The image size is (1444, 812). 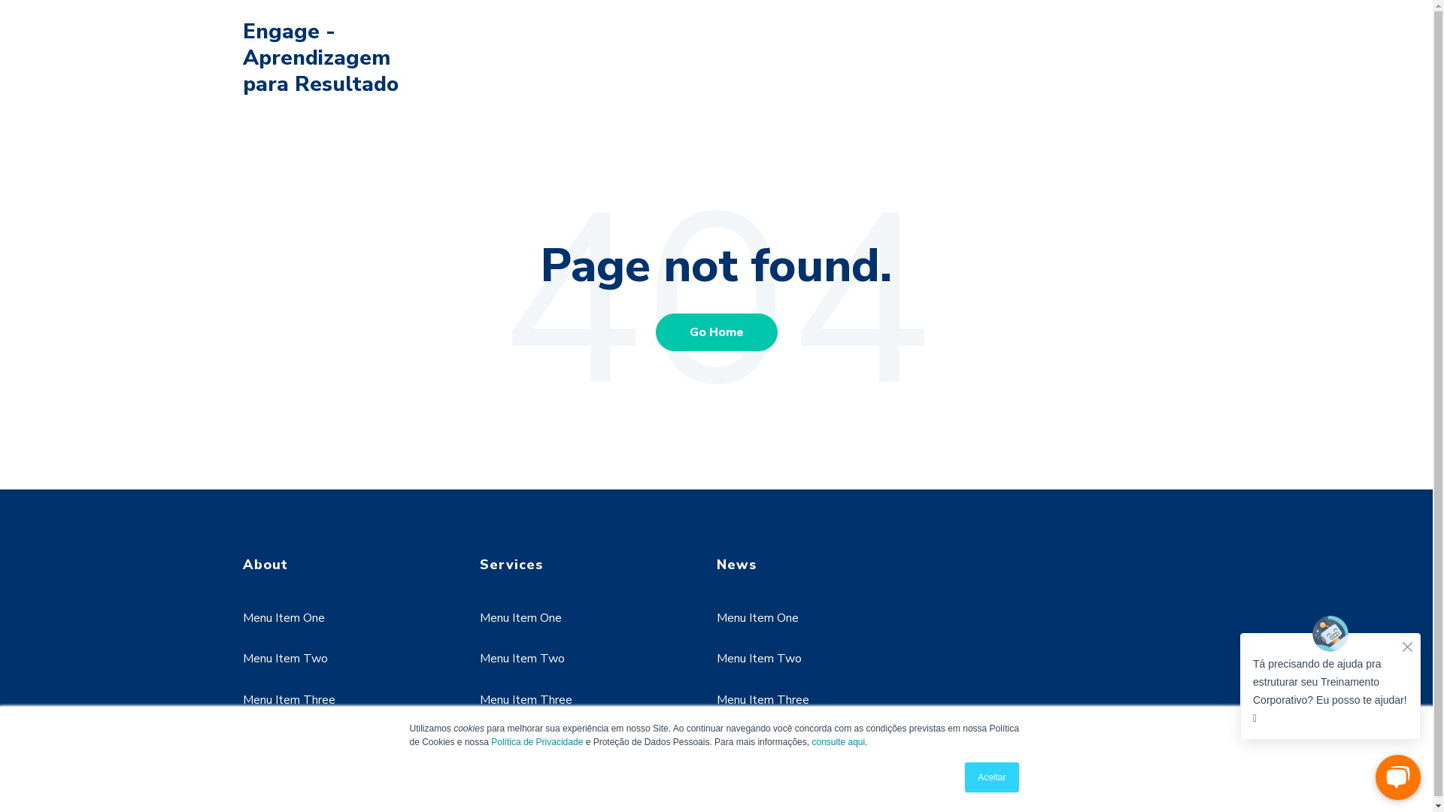 What do you see at coordinates (716, 330) in the screenshot?
I see `'Go Home'` at bounding box center [716, 330].